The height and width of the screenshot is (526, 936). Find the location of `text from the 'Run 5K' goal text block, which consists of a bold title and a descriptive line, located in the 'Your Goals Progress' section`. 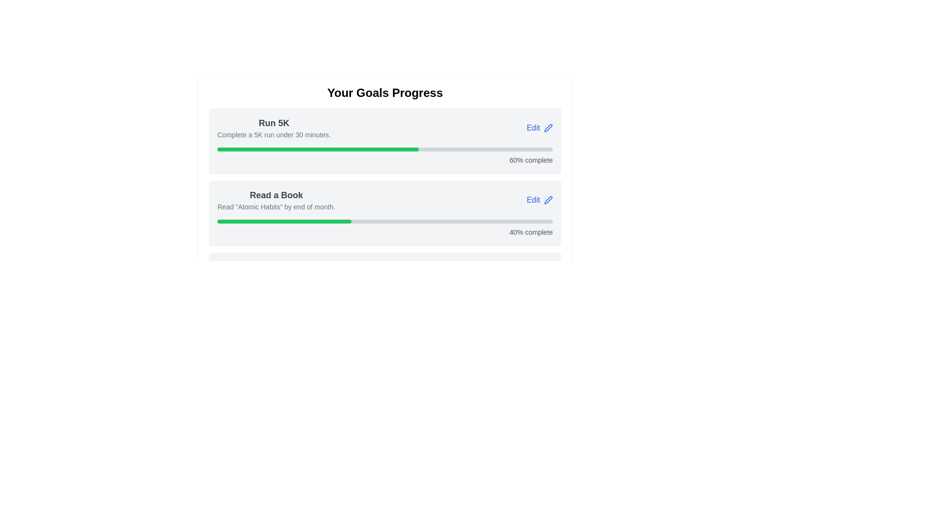

text from the 'Run 5K' goal text block, which consists of a bold title and a descriptive line, located in the 'Your Goals Progress' section is located at coordinates (273, 127).